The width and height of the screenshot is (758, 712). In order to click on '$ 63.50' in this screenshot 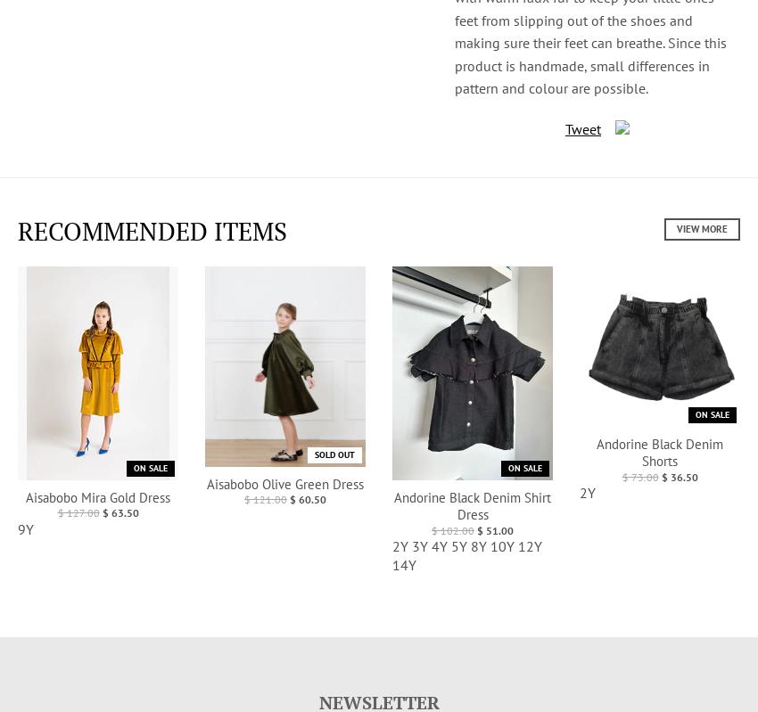, I will do `click(119, 512)`.